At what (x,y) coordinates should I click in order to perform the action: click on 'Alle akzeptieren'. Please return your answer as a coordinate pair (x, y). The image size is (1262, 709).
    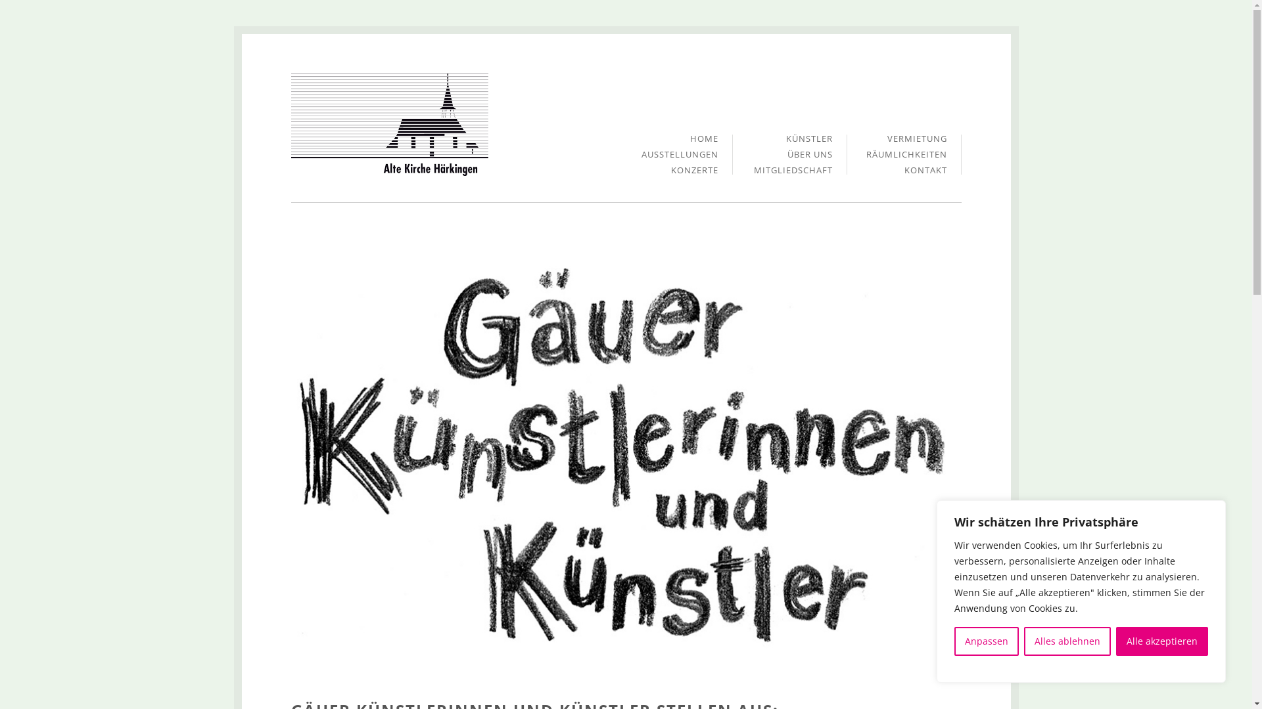
    Looking at the image, I should click on (1161, 640).